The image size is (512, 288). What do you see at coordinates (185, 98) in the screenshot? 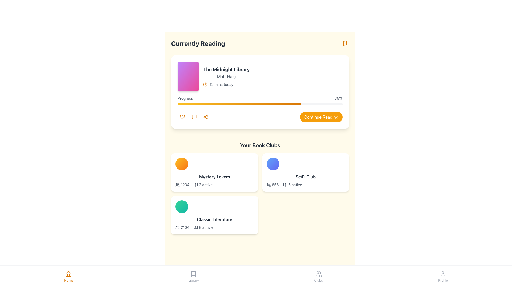
I see `the Text Label that serves as a label for the progress bar, located above it and displaying '75%'` at bounding box center [185, 98].